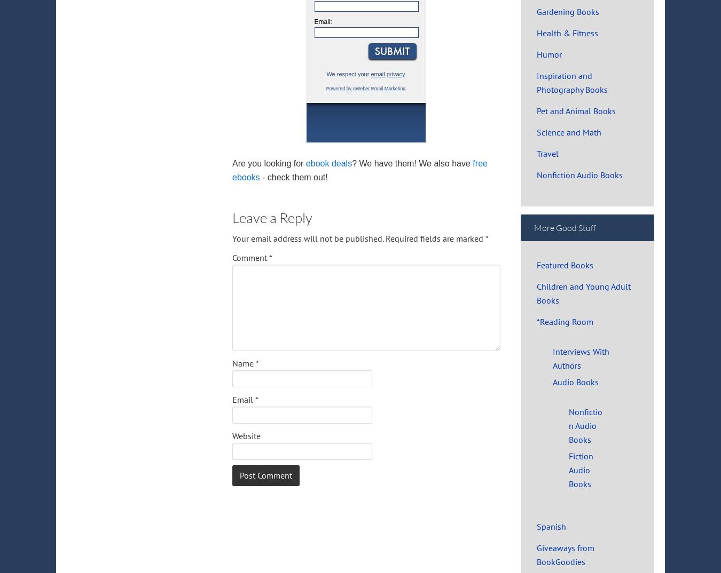 The image size is (721, 573). I want to click on 'Interviews With Authors', so click(581, 357).